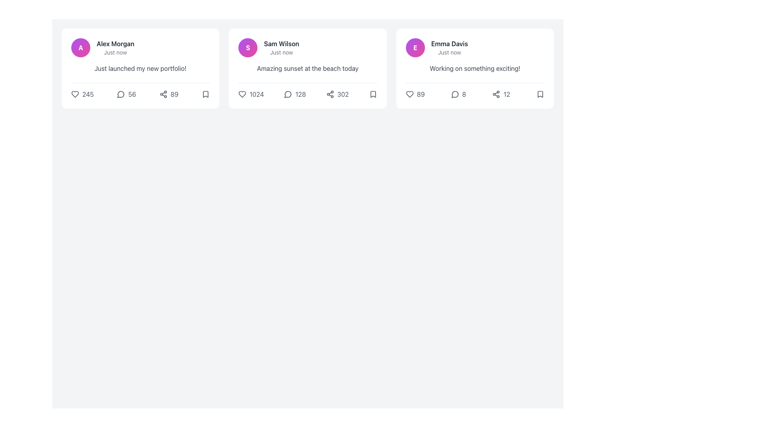  I want to click on the interactive text element displaying the numeric indicator '8' adjacent to the message bubble icon located at the bottom section of the third card on the right, so click(458, 94).